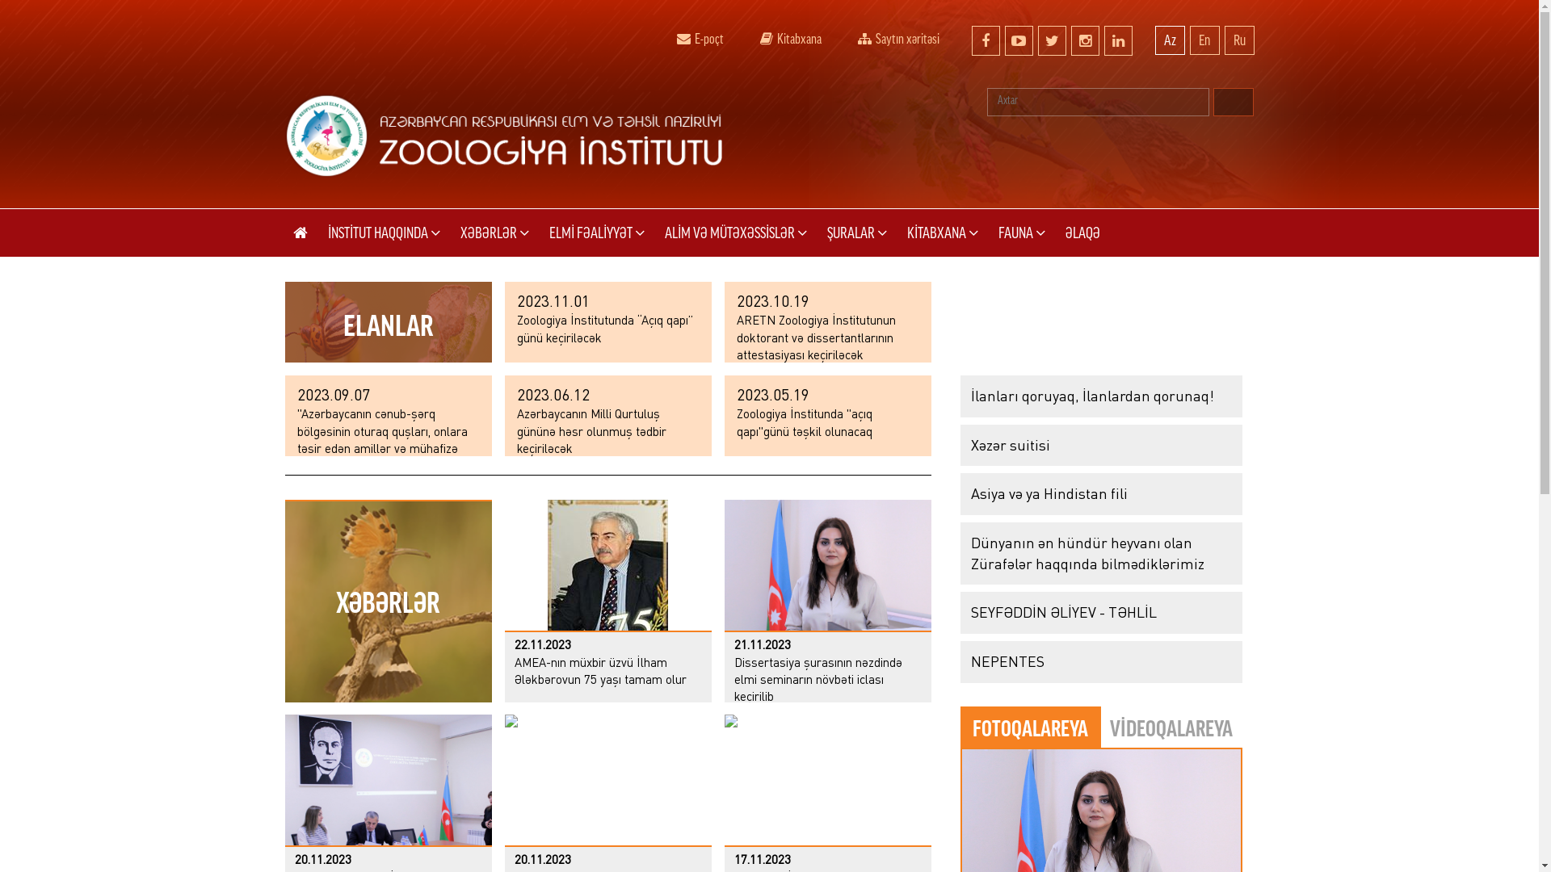  What do you see at coordinates (1238, 40) in the screenshot?
I see `'Ru'` at bounding box center [1238, 40].